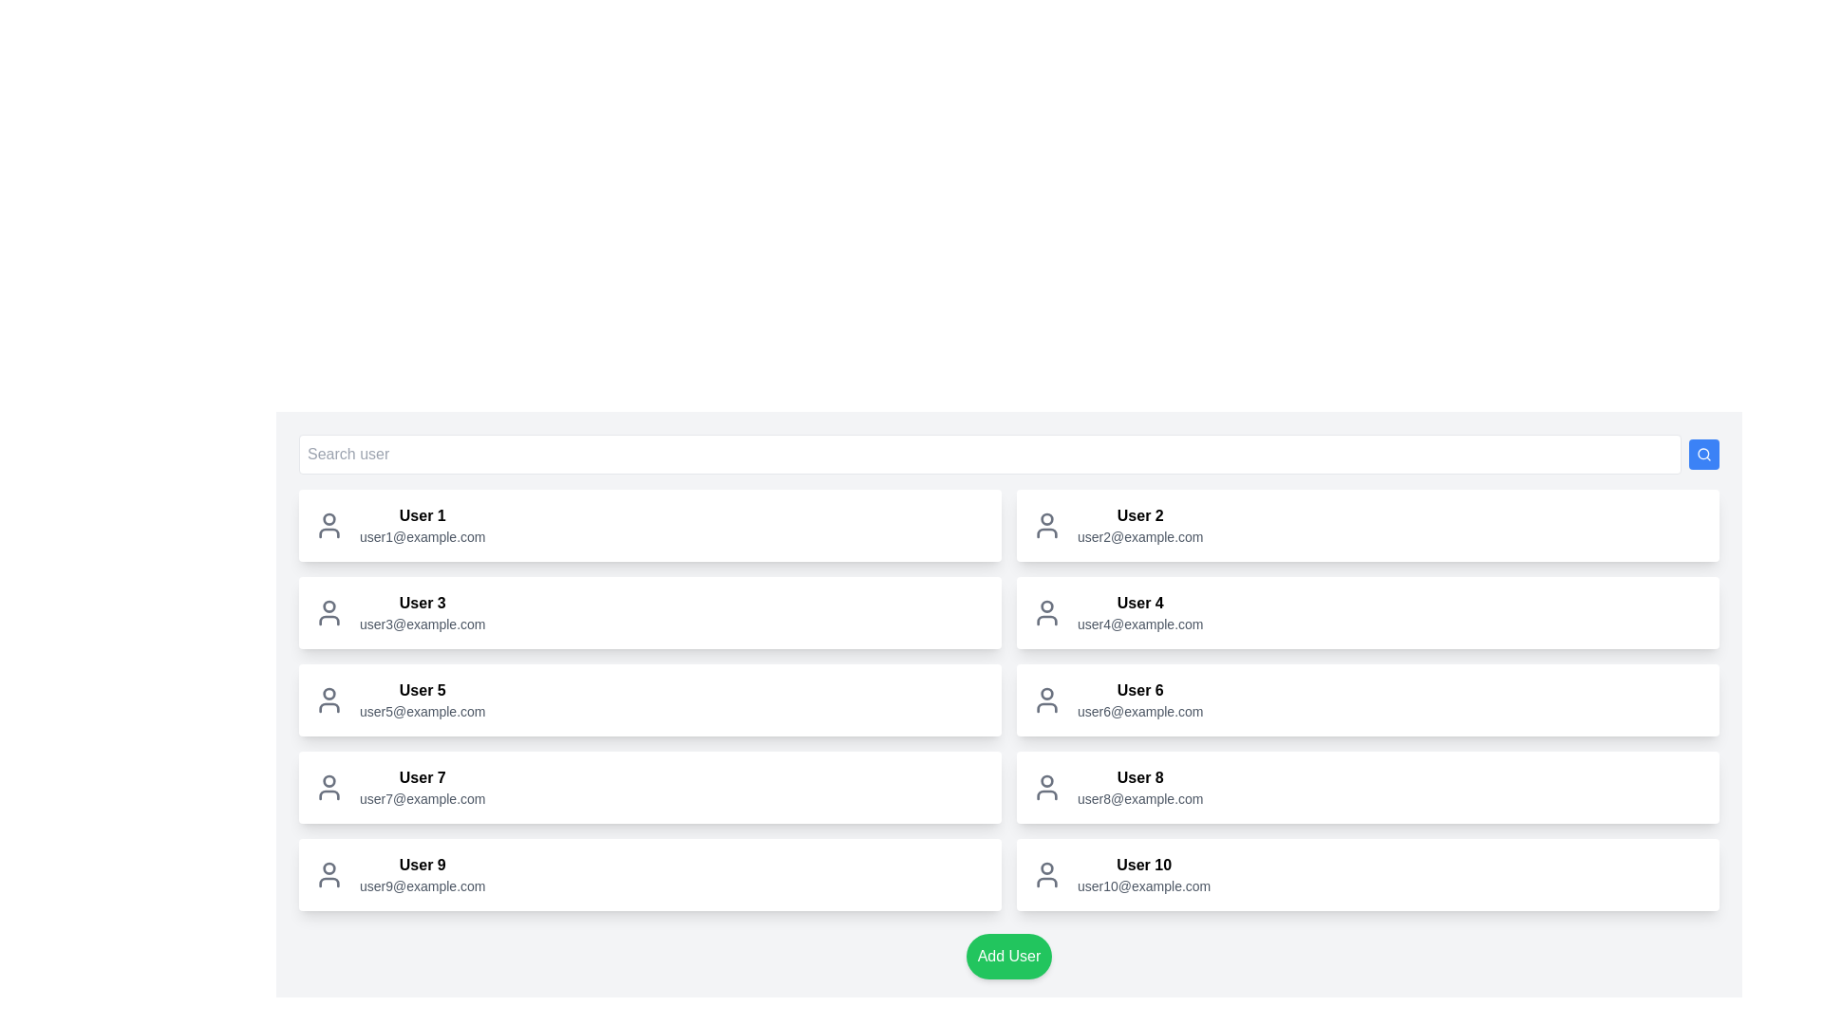  What do you see at coordinates (422, 778) in the screenshot?
I see `the text element displaying 'User 7' which is in bold font style and is the upper text in the fifth position of a list` at bounding box center [422, 778].